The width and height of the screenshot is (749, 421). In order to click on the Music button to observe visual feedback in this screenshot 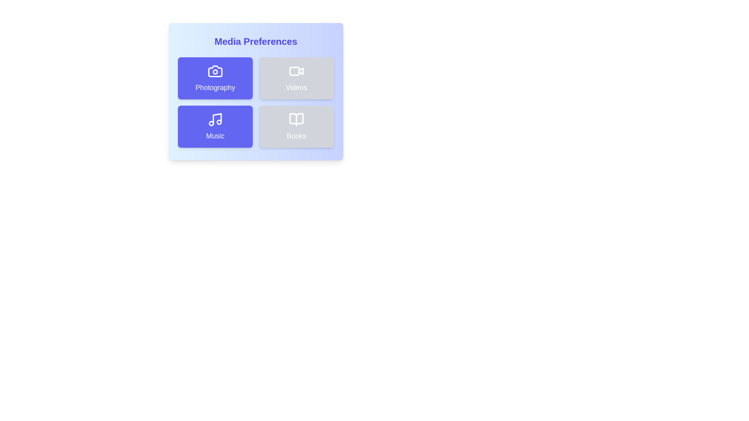, I will do `click(215, 126)`.